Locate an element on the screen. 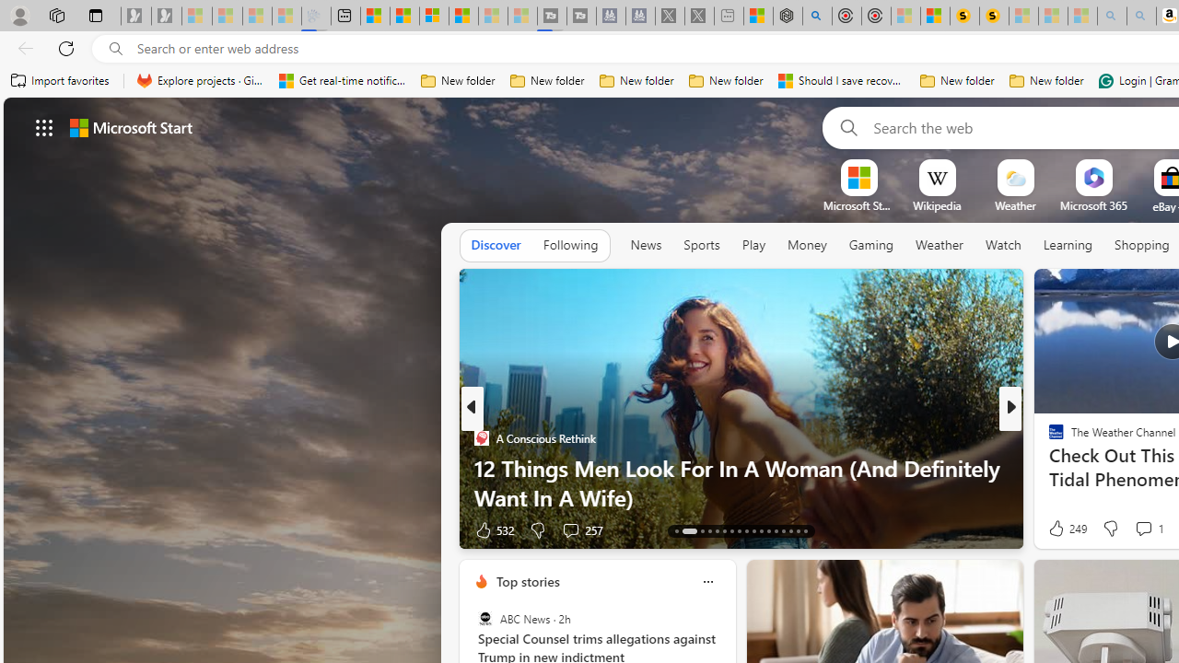 The image size is (1179, 663). 'Forge of Empires' is located at coordinates (1082, 466).